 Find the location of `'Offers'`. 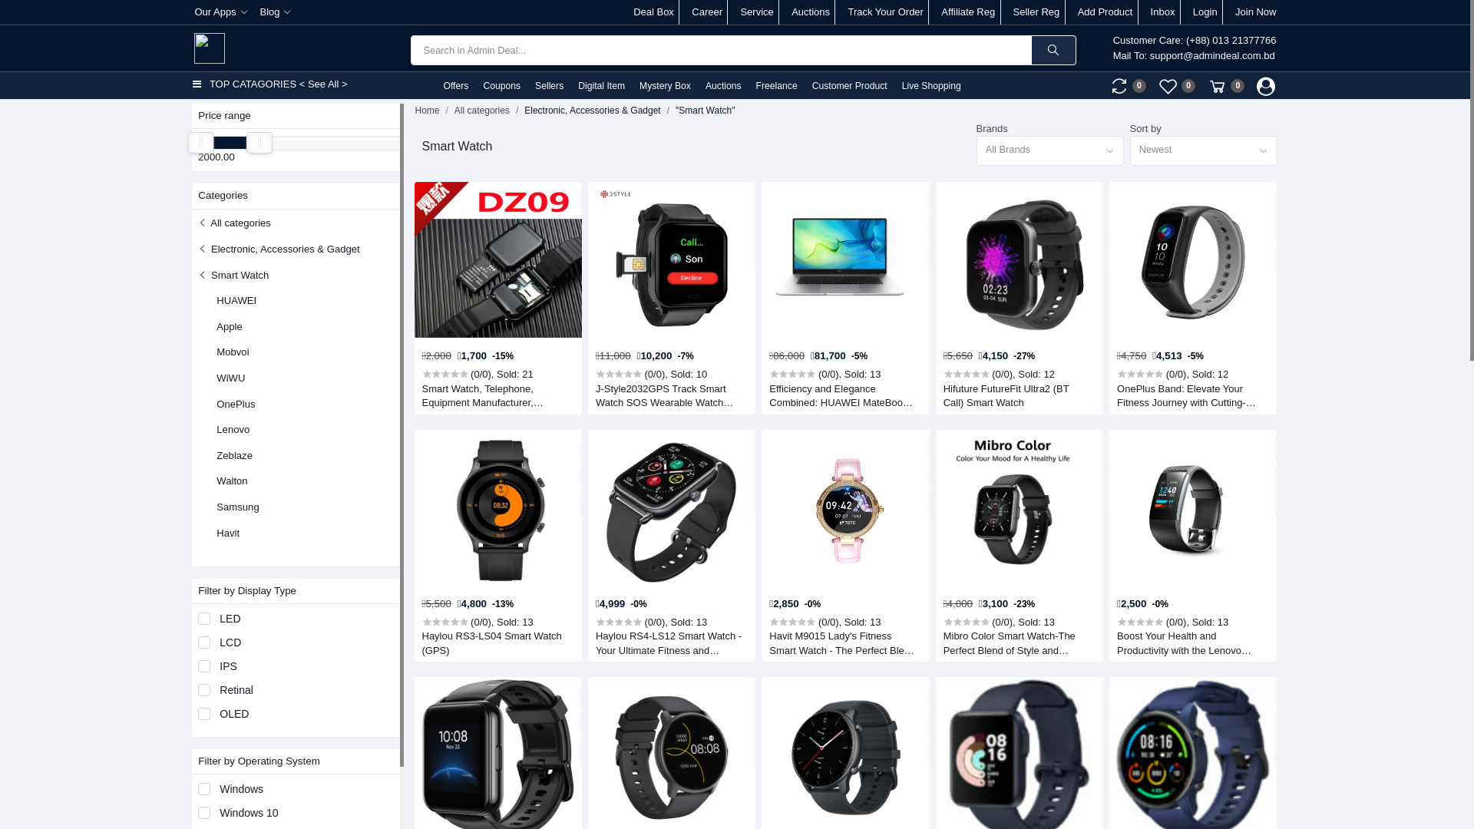

'Offers' is located at coordinates (454, 85).